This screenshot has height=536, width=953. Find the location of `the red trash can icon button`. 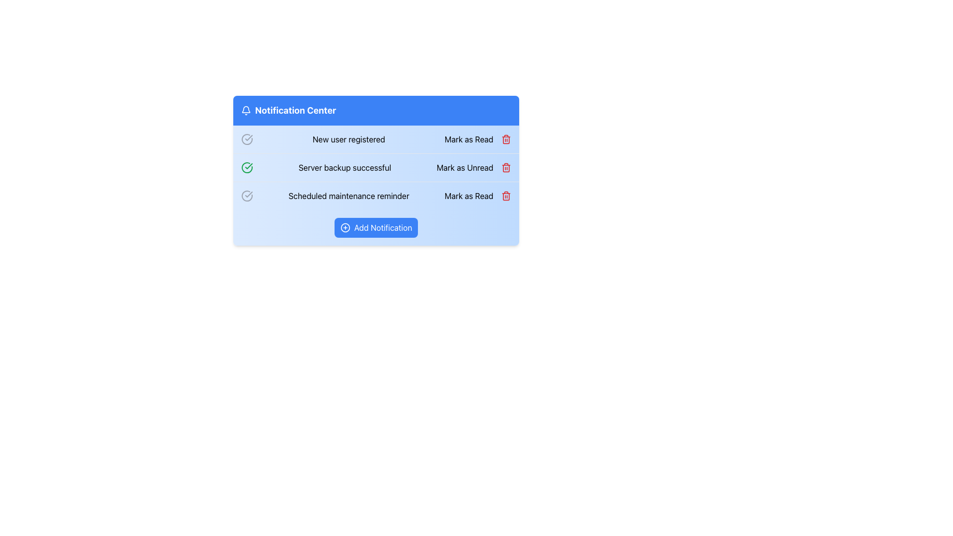

the red trash can icon button is located at coordinates (506, 139).